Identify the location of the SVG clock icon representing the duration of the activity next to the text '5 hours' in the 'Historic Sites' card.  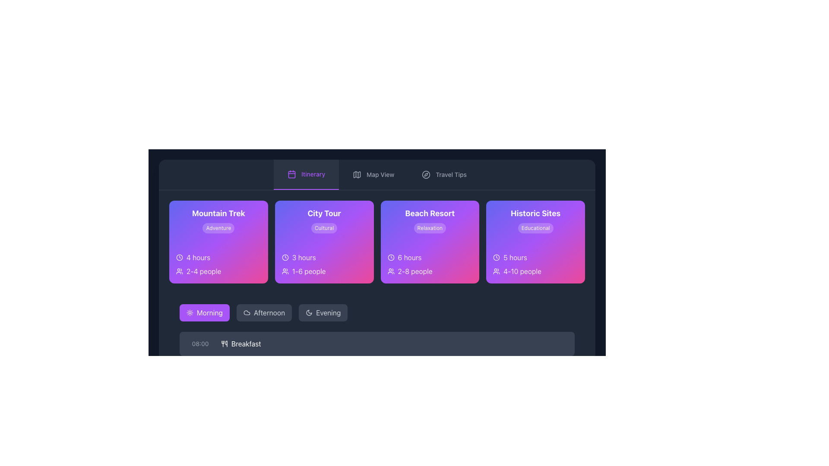
(497, 257).